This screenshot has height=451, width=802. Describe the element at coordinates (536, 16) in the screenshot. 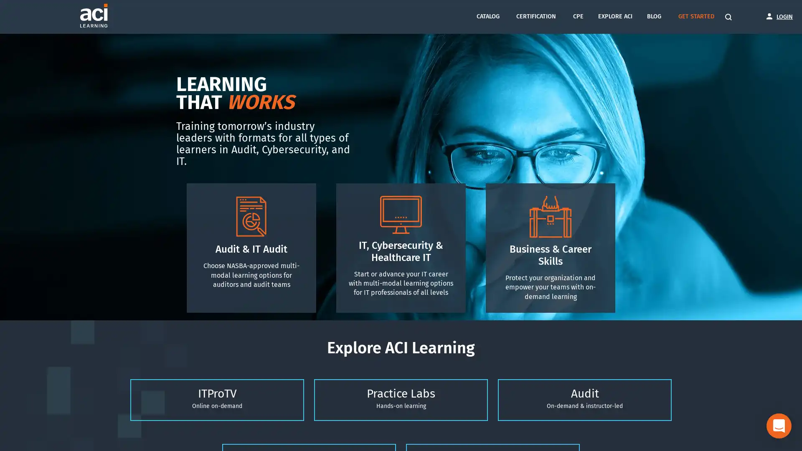

I see `CERTIFICATION` at that location.